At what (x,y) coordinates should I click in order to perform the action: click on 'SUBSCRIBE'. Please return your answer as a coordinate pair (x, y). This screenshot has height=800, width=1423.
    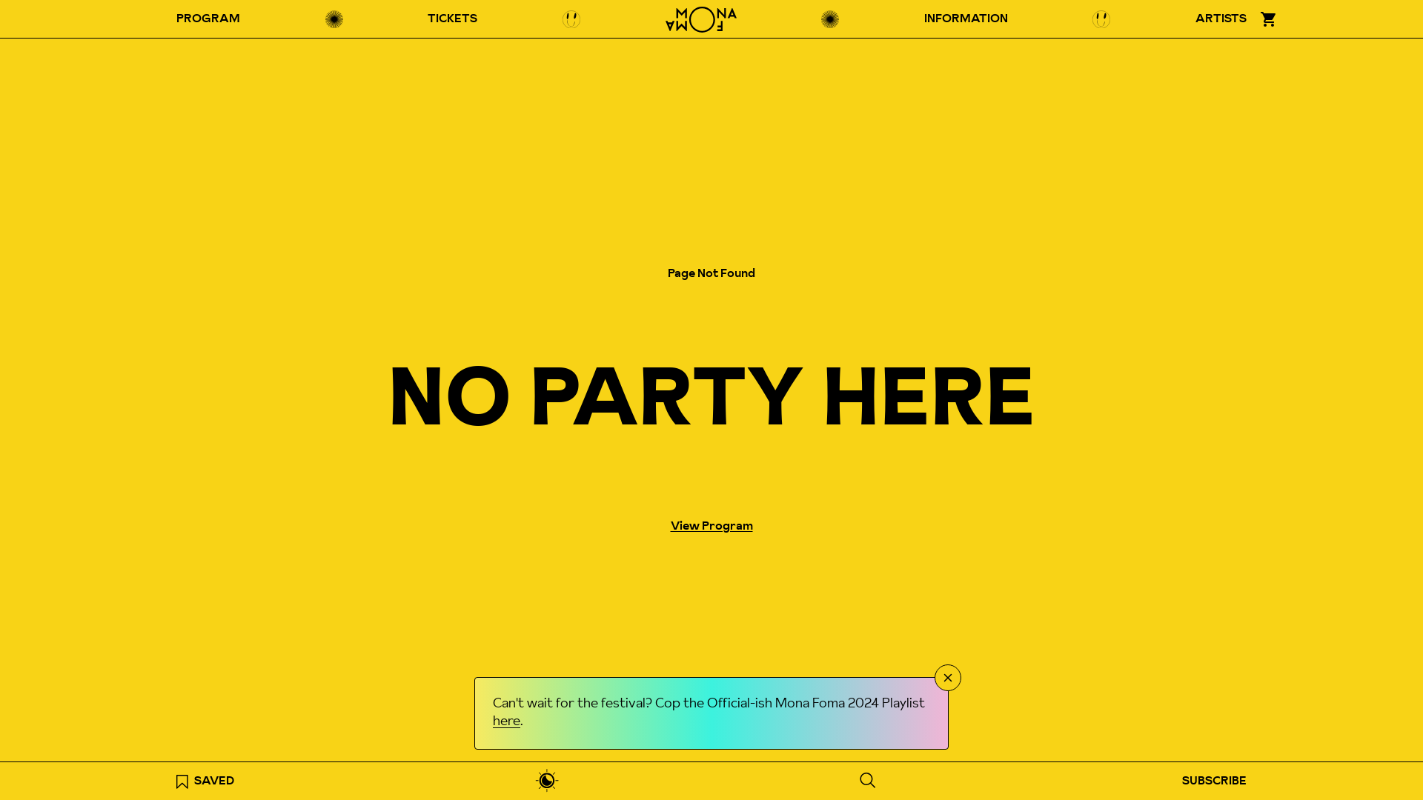
    Looking at the image, I should click on (1172, 780).